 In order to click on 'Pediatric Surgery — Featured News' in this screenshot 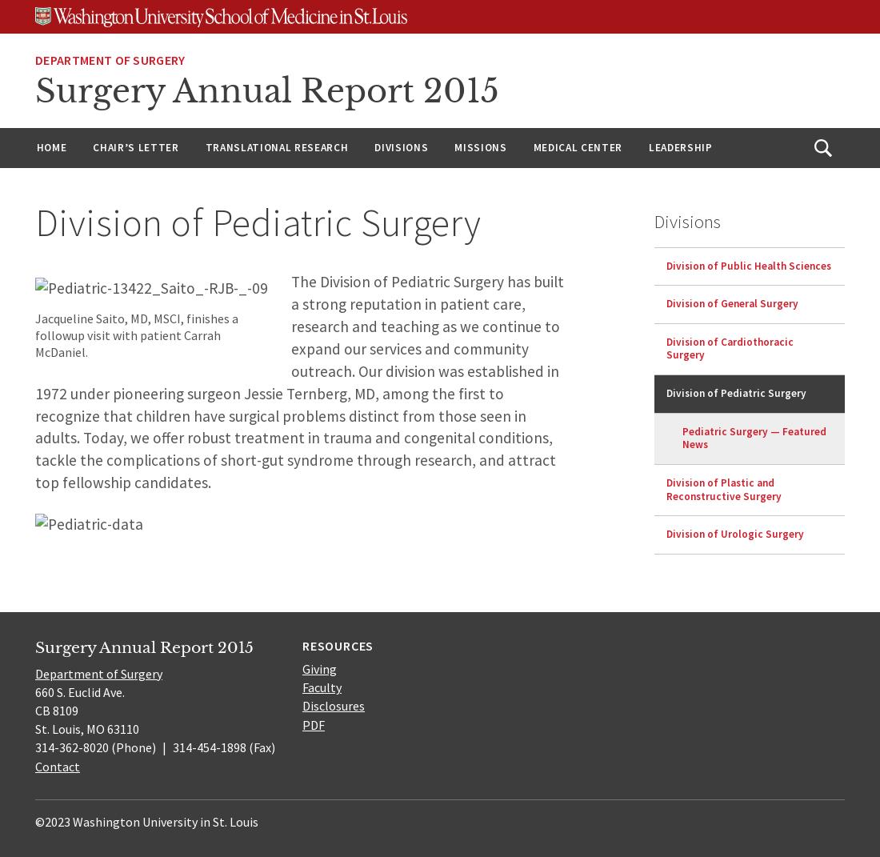, I will do `click(754, 437)`.